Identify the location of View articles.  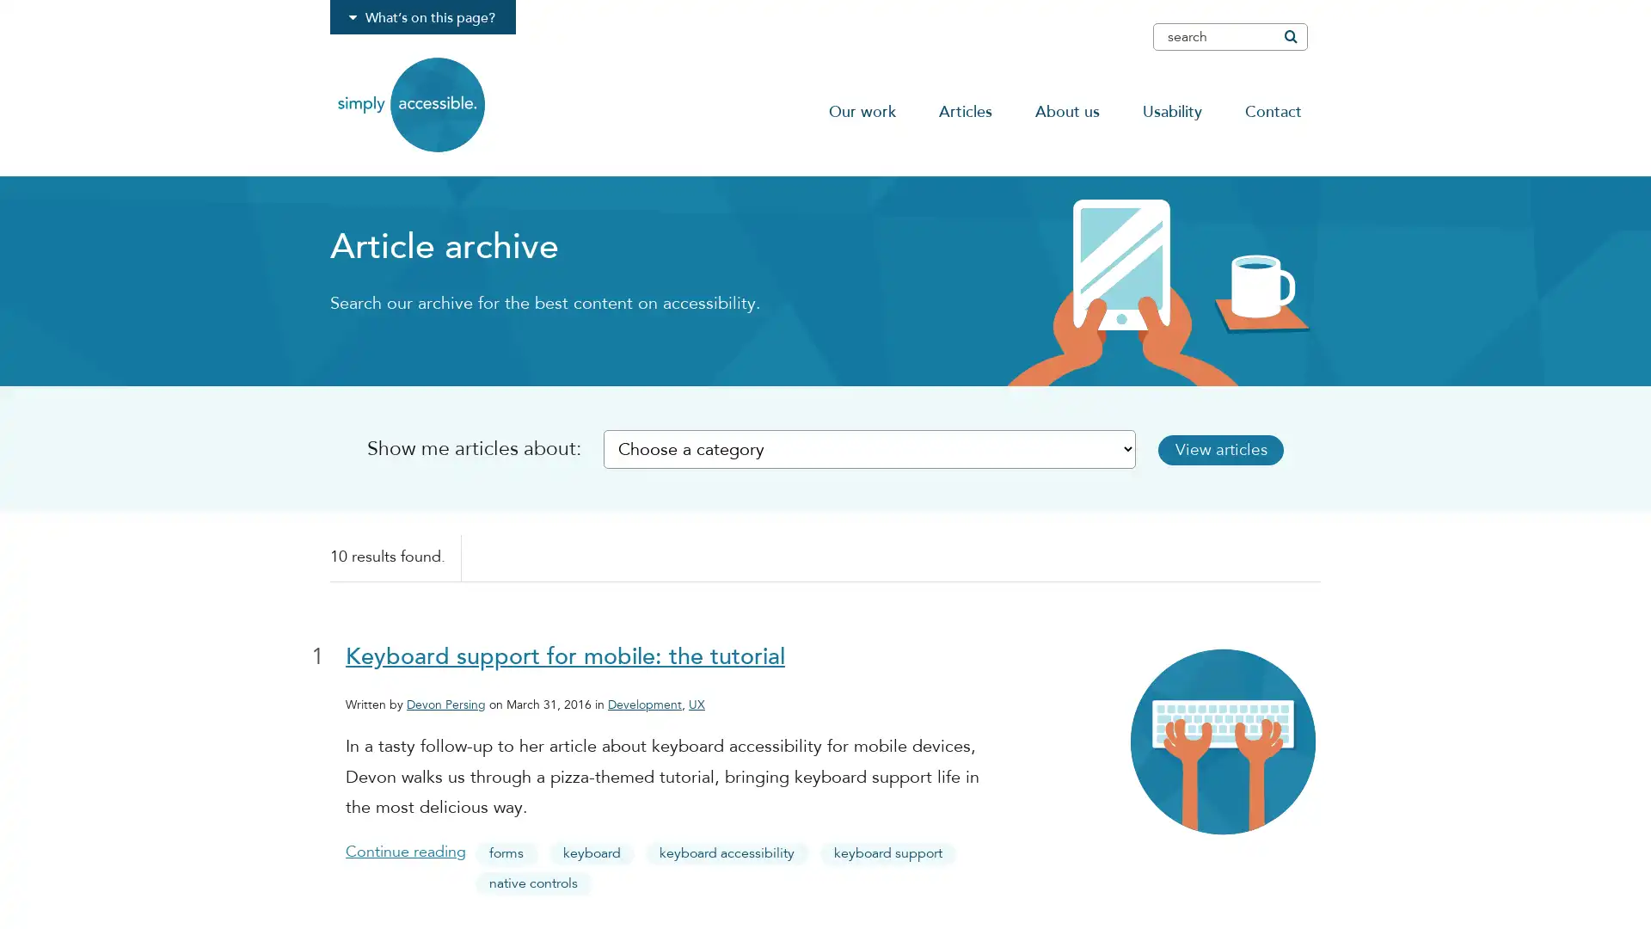
(1220, 448).